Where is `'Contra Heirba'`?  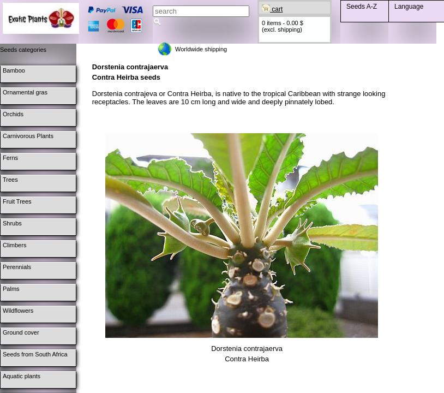 'Contra Heirba' is located at coordinates (246, 359).